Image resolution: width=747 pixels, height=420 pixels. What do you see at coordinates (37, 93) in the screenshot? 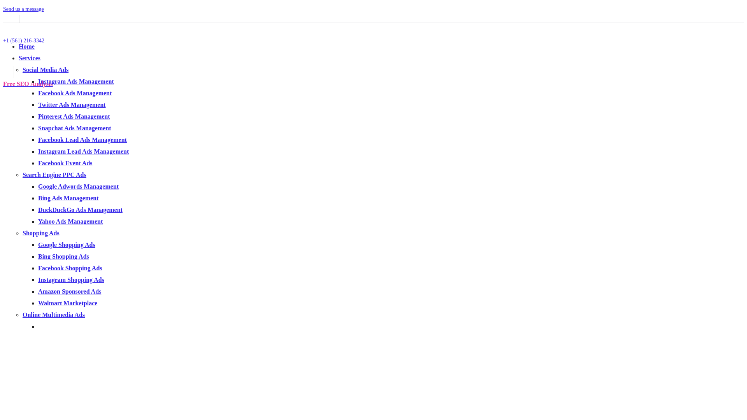
I see `'Facebook Ads Management'` at bounding box center [37, 93].